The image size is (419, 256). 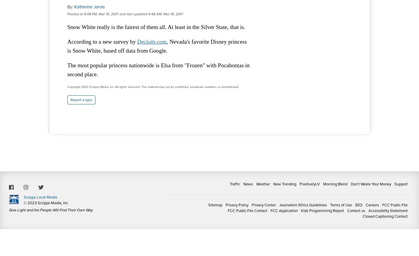 What do you see at coordinates (300, 184) in the screenshot?
I see `'PositivelyLV'` at bounding box center [300, 184].